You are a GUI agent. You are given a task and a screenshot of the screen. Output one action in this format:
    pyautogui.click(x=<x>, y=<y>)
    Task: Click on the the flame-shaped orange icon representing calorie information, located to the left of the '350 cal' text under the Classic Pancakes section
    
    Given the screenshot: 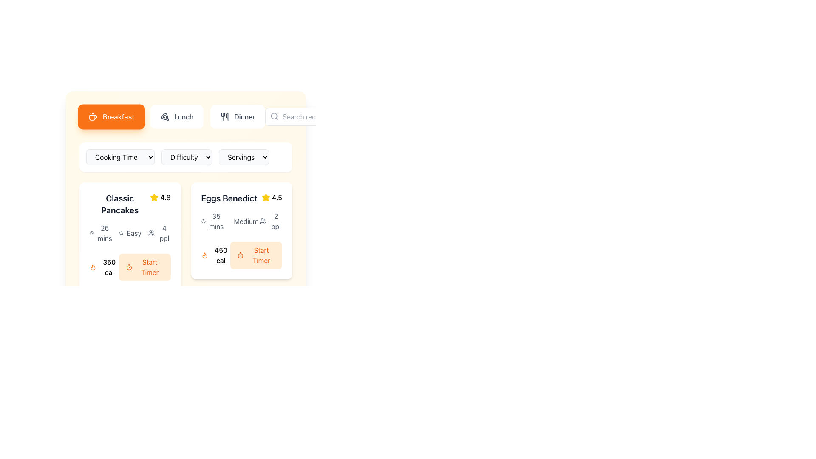 What is the action you would take?
    pyautogui.click(x=93, y=266)
    